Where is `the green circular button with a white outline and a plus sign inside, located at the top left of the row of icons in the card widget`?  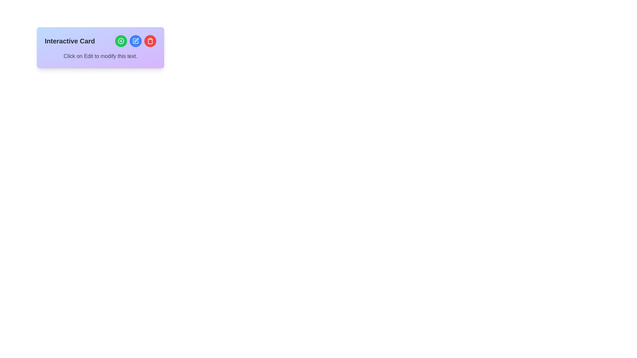
the green circular button with a white outline and a plus sign inside, located at the top left of the row of icons in the card widget is located at coordinates (121, 41).